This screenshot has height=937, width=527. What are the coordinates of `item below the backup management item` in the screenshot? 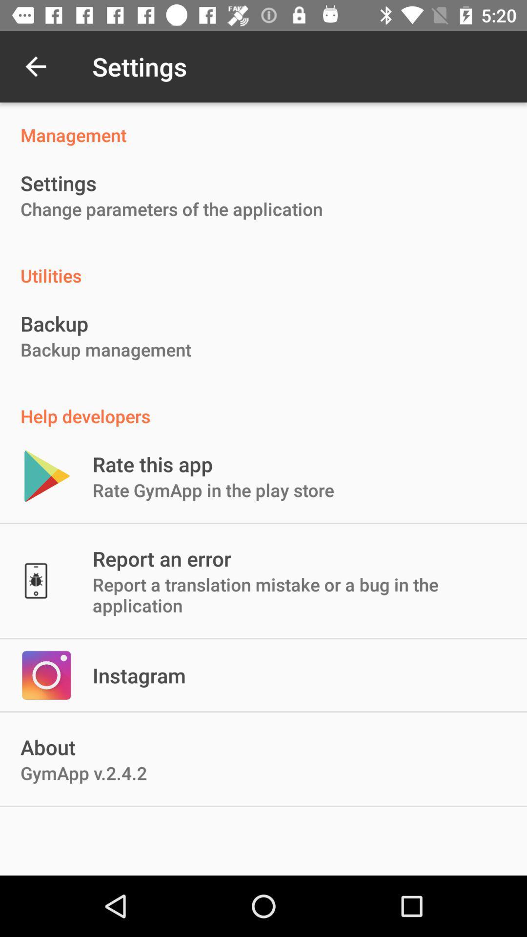 It's located at (263, 406).